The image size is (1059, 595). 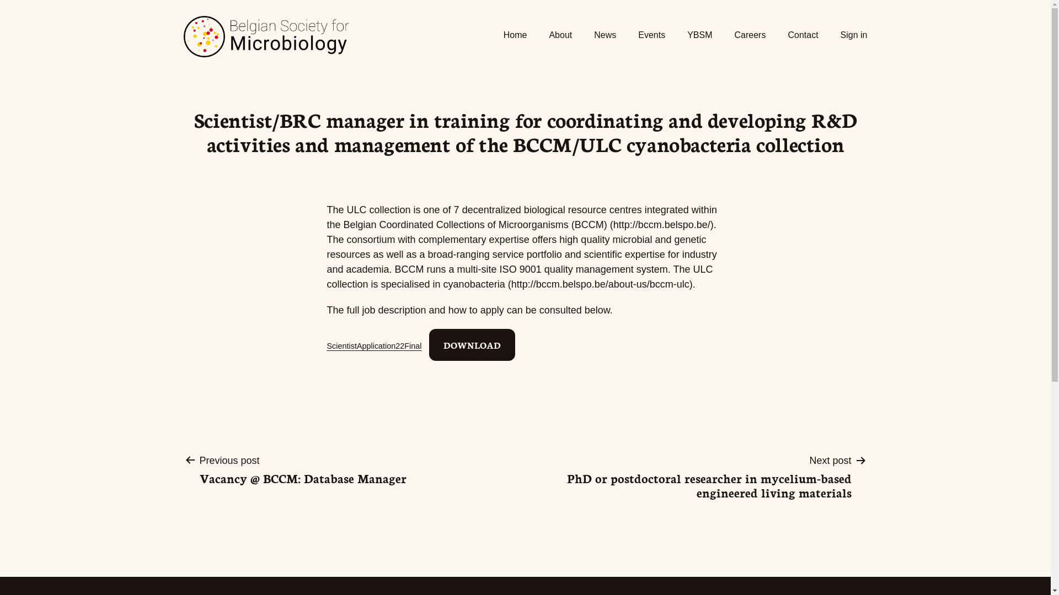 I want to click on 'About', so click(x=560, y=35).